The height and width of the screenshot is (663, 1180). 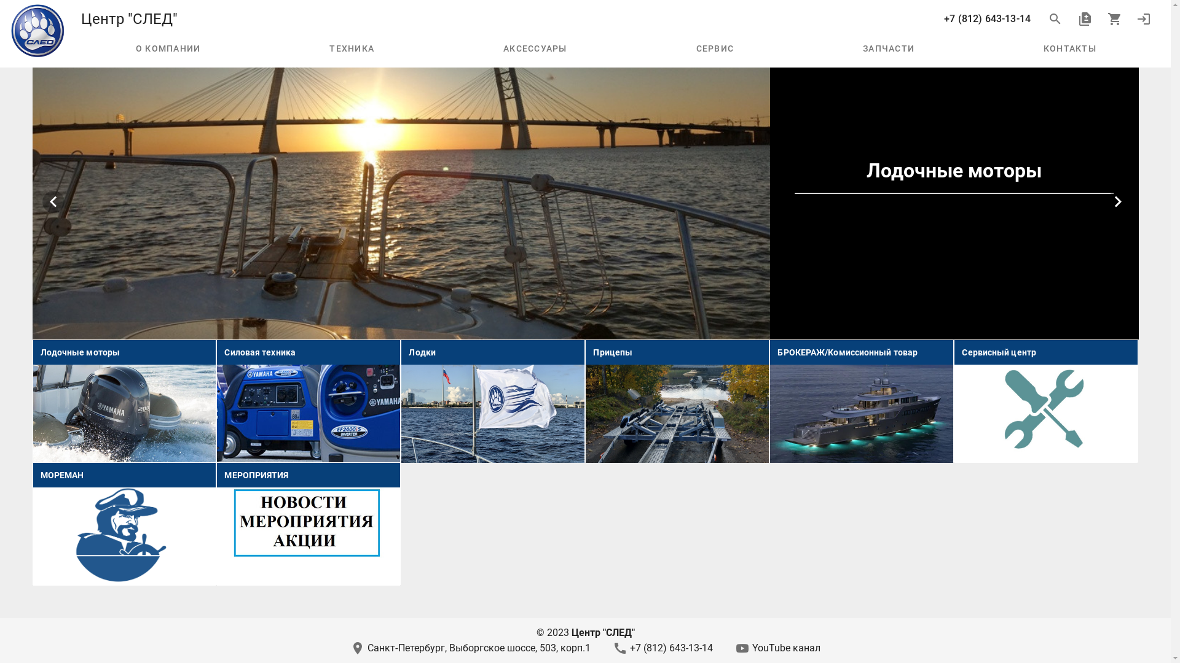 I want to click on 'login', so click(x=1143, y=18).